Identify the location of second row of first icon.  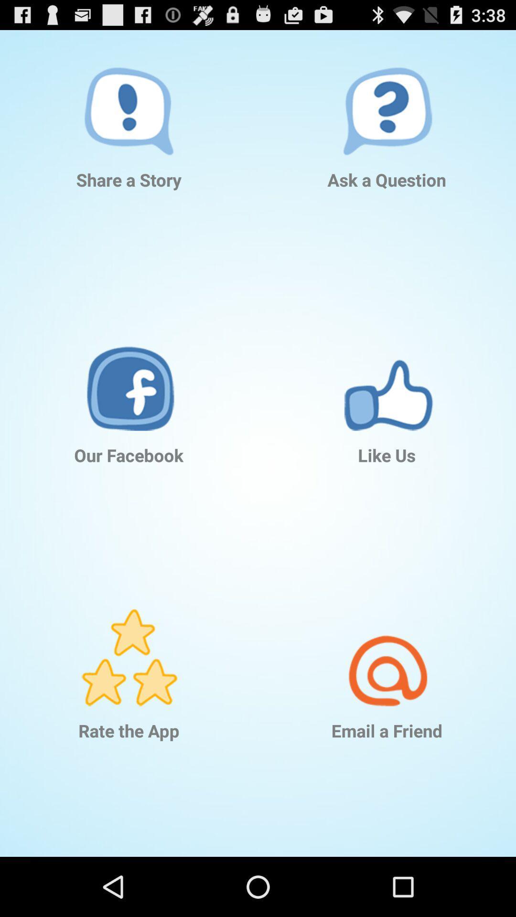
(129, 368).